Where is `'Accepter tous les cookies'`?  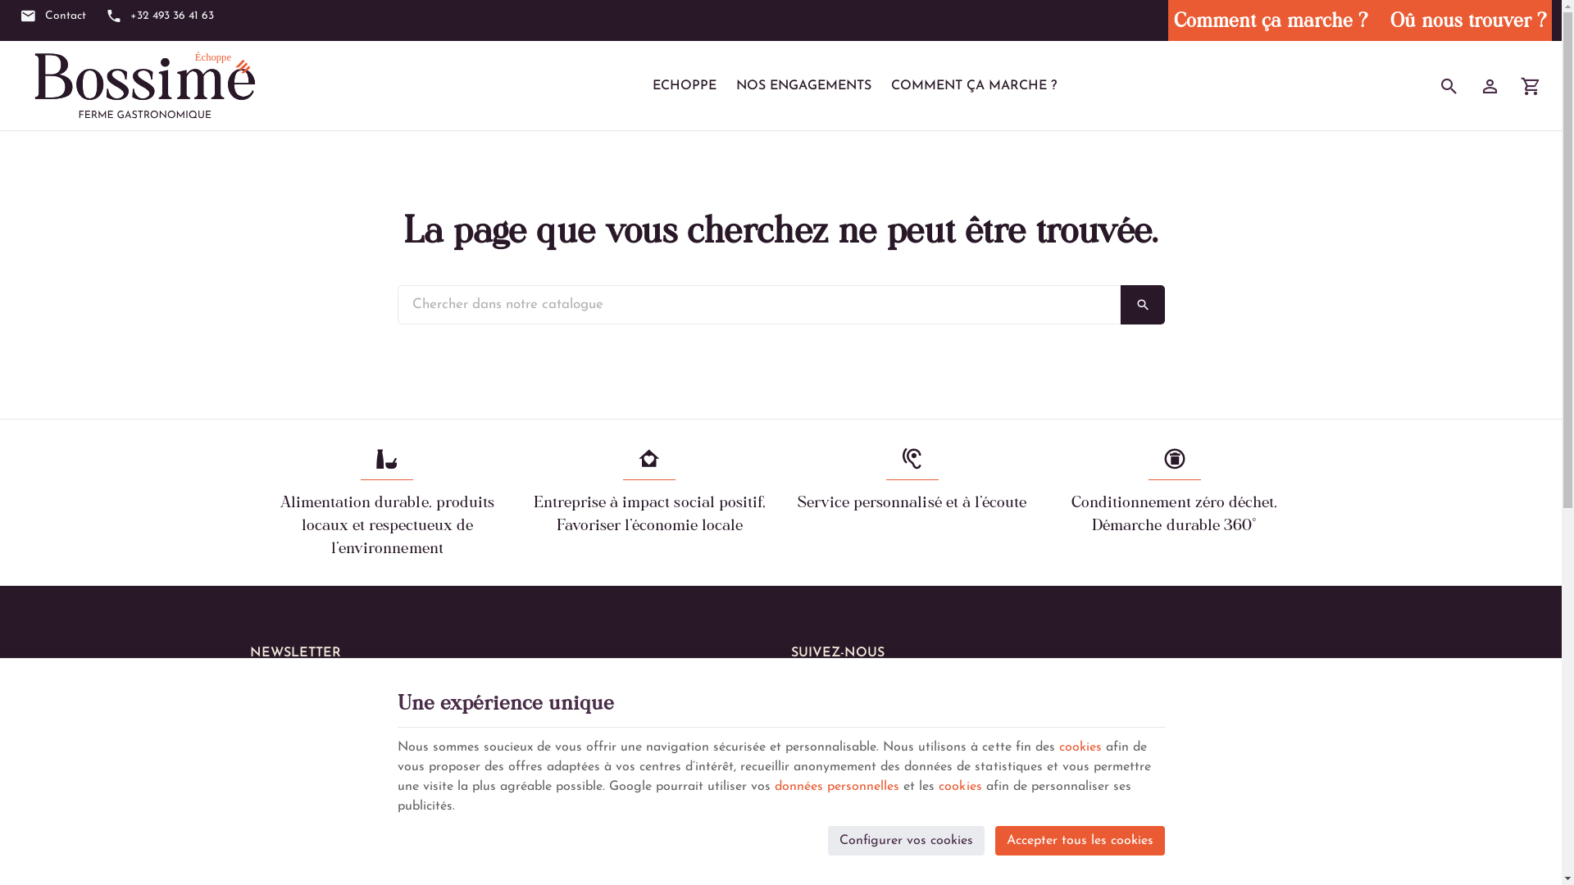
'Accepter tous les cookies' is located at coordinates (1080, 841).